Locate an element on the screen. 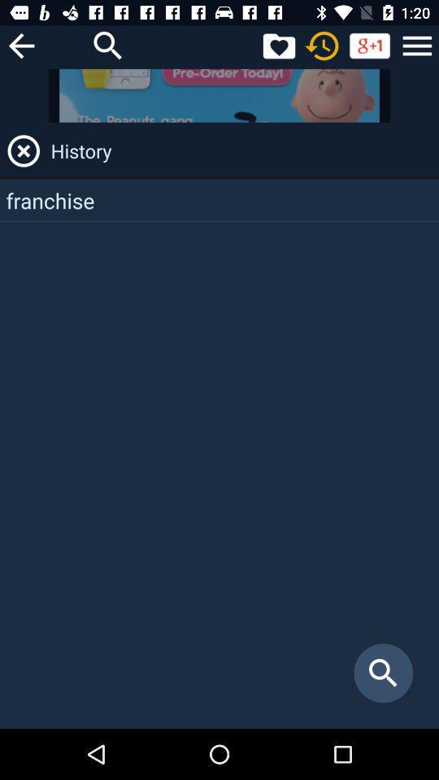  the history is located at coordinates (241, 150).